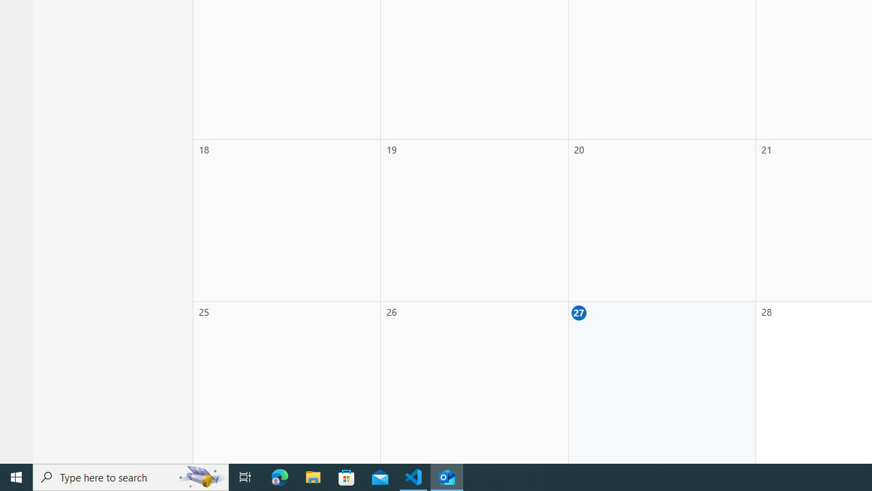  What do you see at coordinates (16, 476) in the screenshot?
I see `'Start'` at bounding box center [16, 476].